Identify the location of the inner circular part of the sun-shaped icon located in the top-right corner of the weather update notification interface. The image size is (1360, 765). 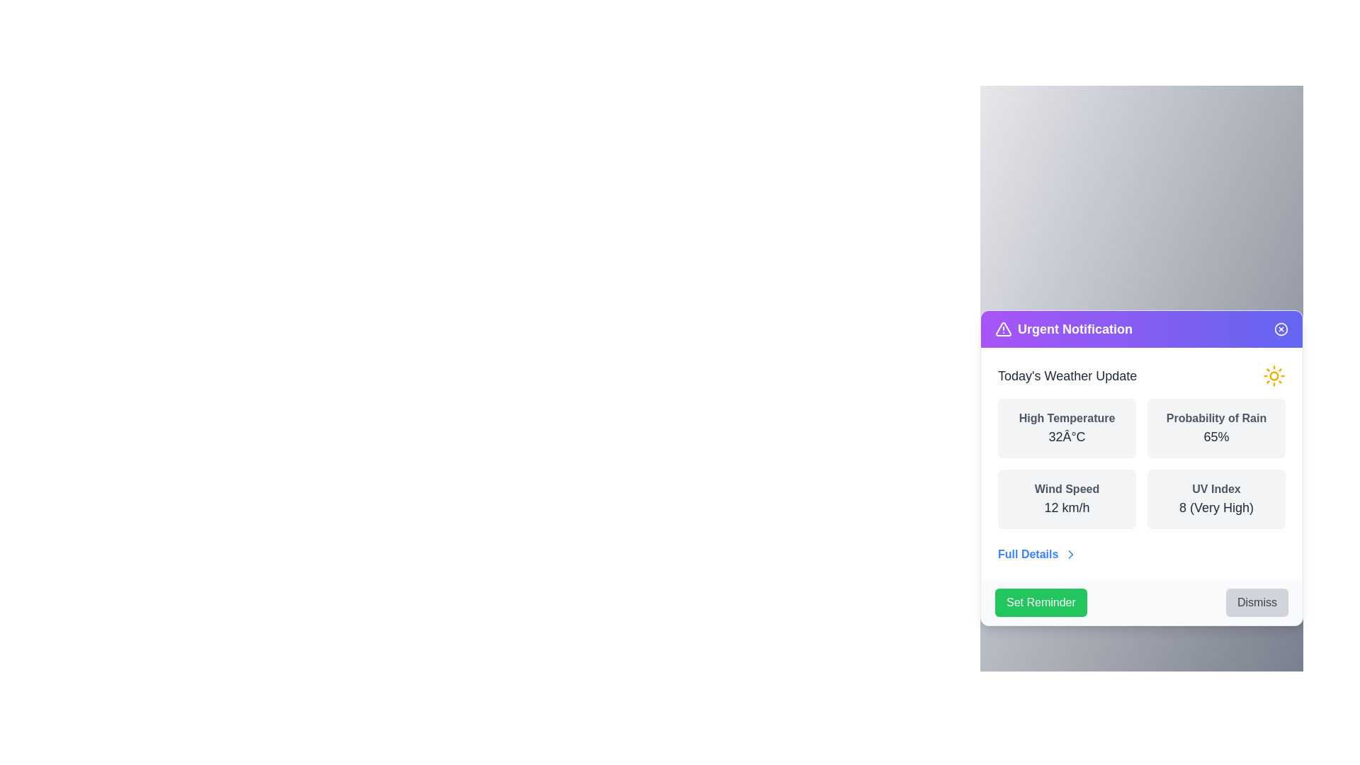
(1274, 375).